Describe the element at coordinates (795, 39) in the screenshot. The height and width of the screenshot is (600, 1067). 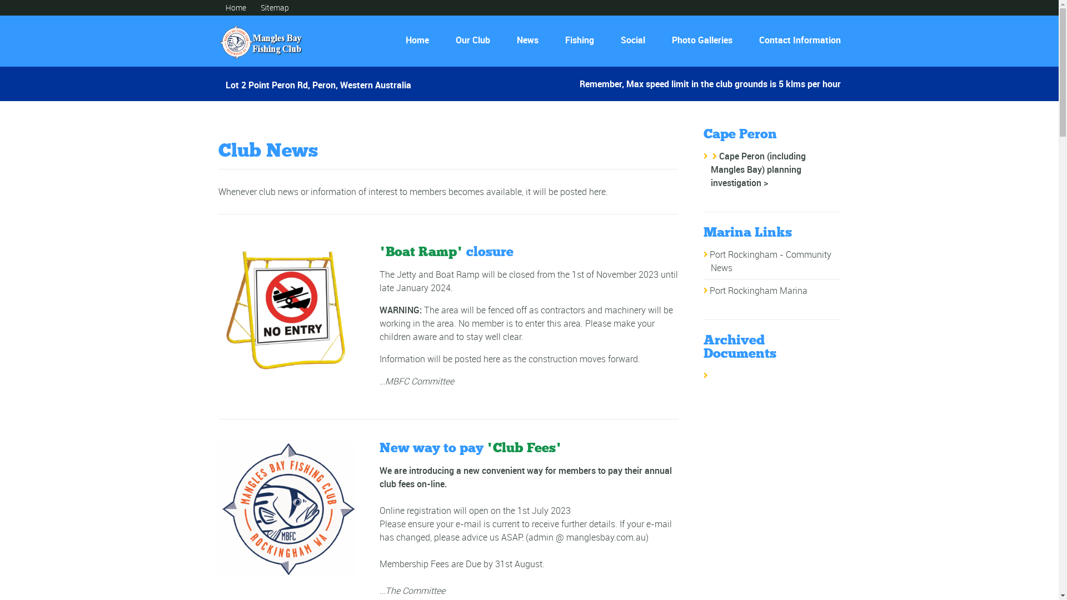
I see `'Contact Information'` at that location.